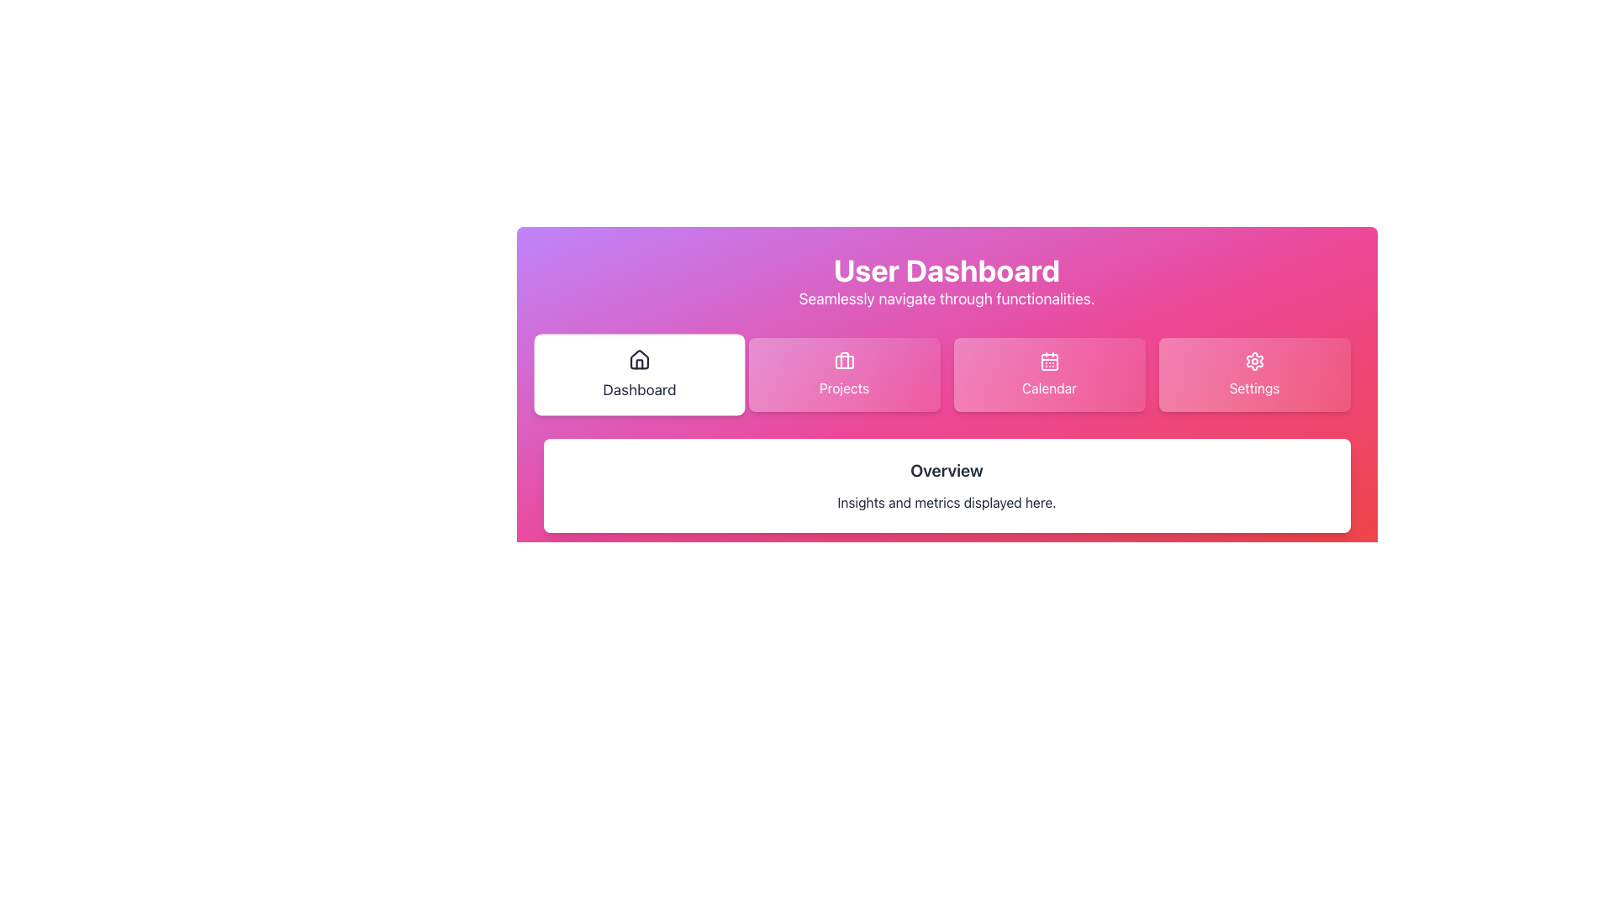 This screenshot has width=1614, height=908. I want to click on the vertical rectangular shape that forms one side of the briefcase handle in the 'Projects' button within the pink-tinted header, so click(844, 359).